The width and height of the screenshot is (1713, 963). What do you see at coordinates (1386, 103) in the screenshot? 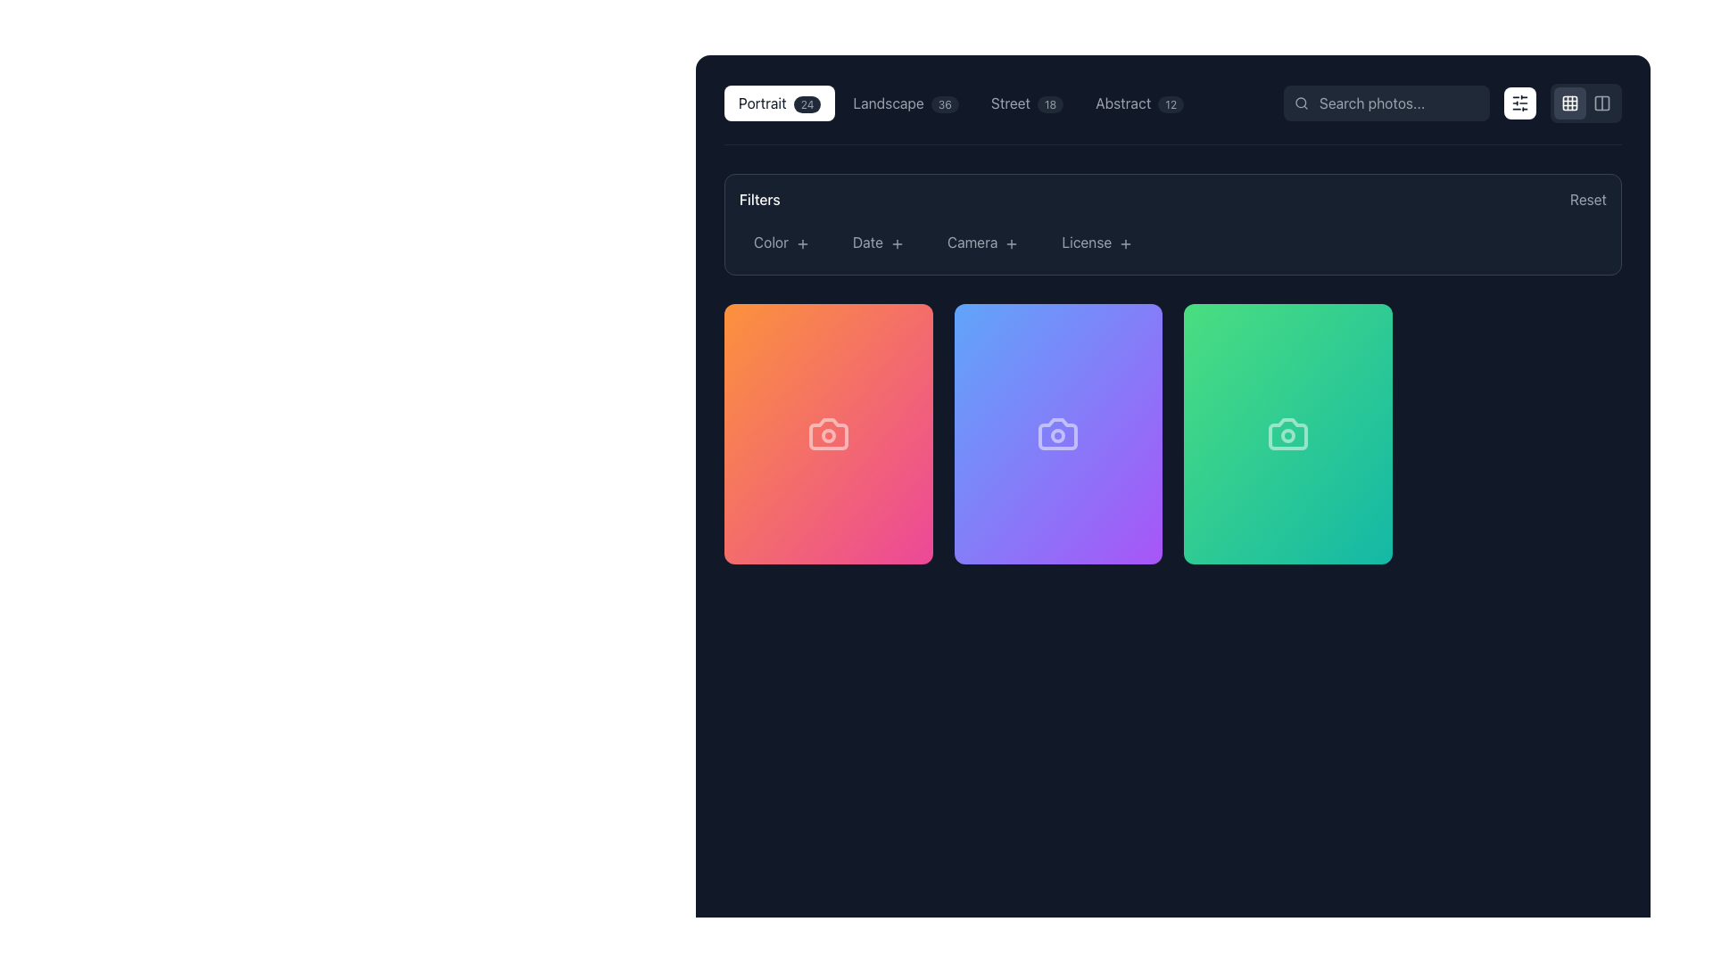
I see `to focus on the text input field located in the top-right section of the interface, positioned to the left of the filter icon` at bounding box center [1386, 103].